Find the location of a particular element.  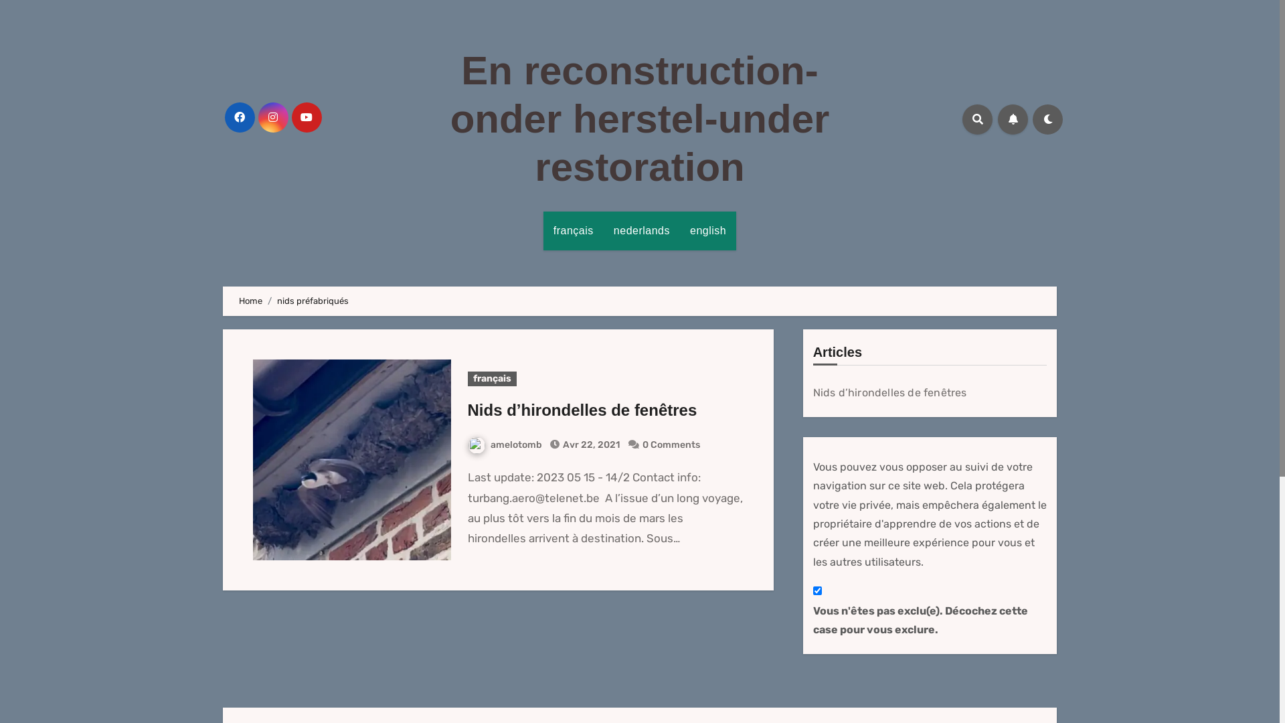

'amelotomb' is located at coordinates (503, 445).